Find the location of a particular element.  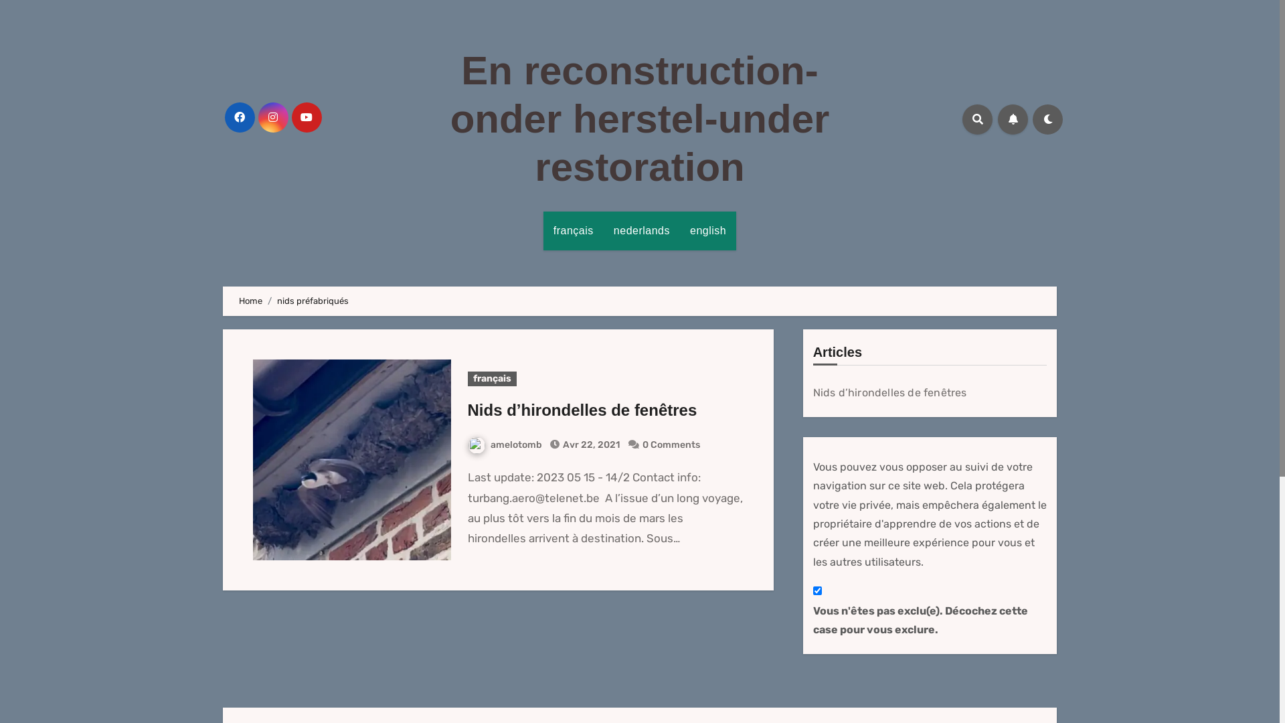

'amelotomb' is located at coordinates (503, 445).